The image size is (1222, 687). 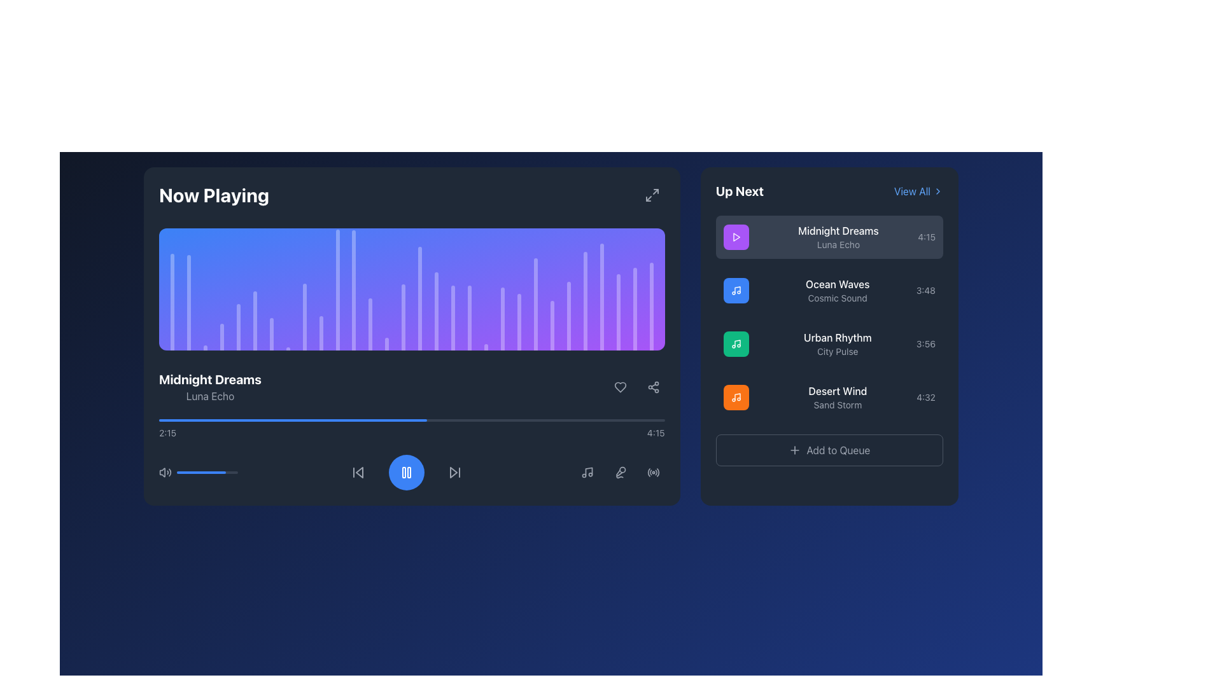 I want to click on the animation of the 7th vertical bar in the audio visualizer, which represents a specific frequency or sound amplitude, so click(x=270, y=333).